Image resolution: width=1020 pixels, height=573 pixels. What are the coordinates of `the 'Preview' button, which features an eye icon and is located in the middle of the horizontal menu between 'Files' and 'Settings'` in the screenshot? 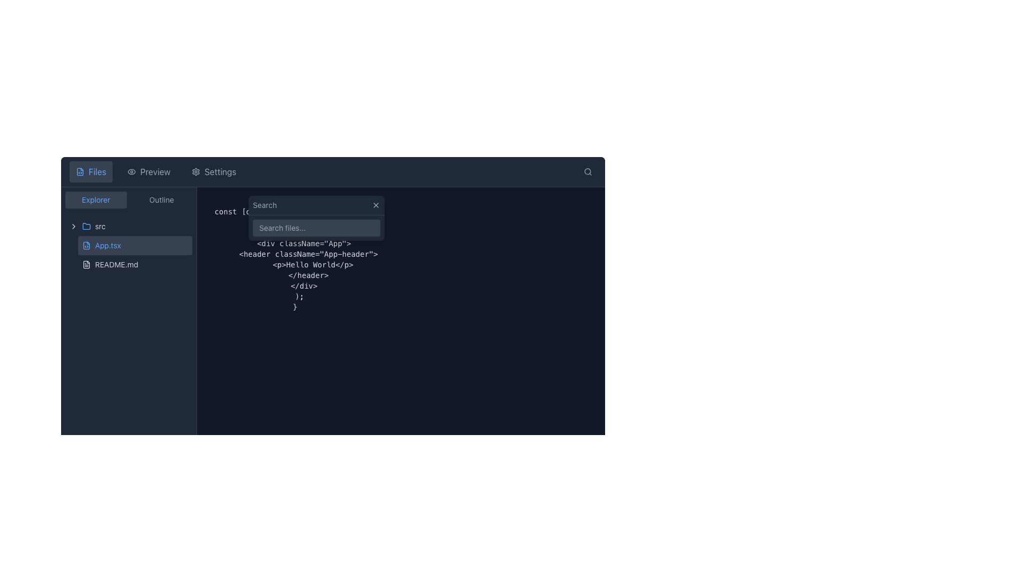 It's located at (148, 171).